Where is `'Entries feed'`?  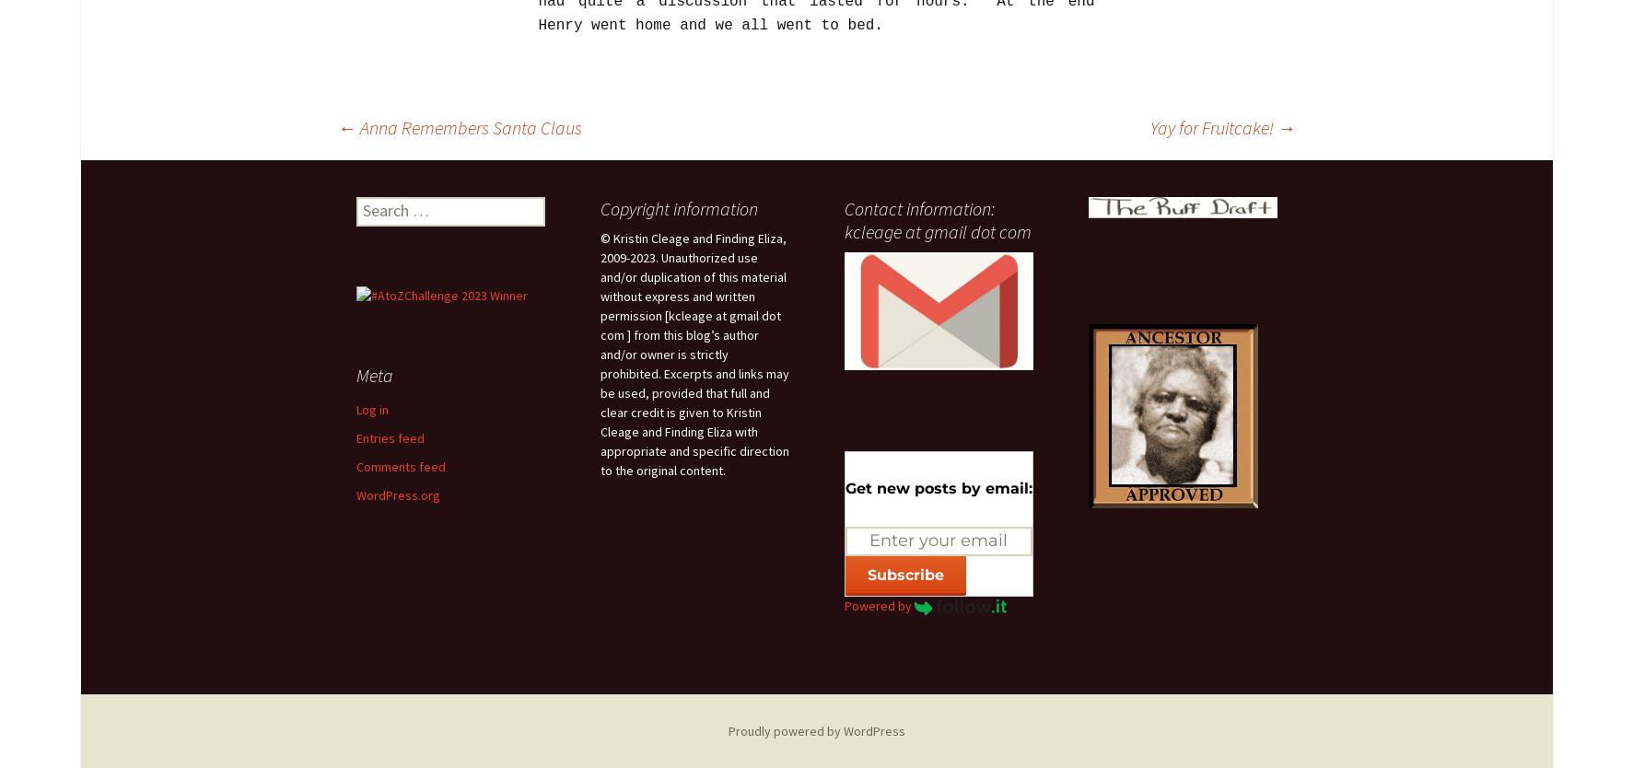
'Entries feed' is located at coordinates (389, 436).